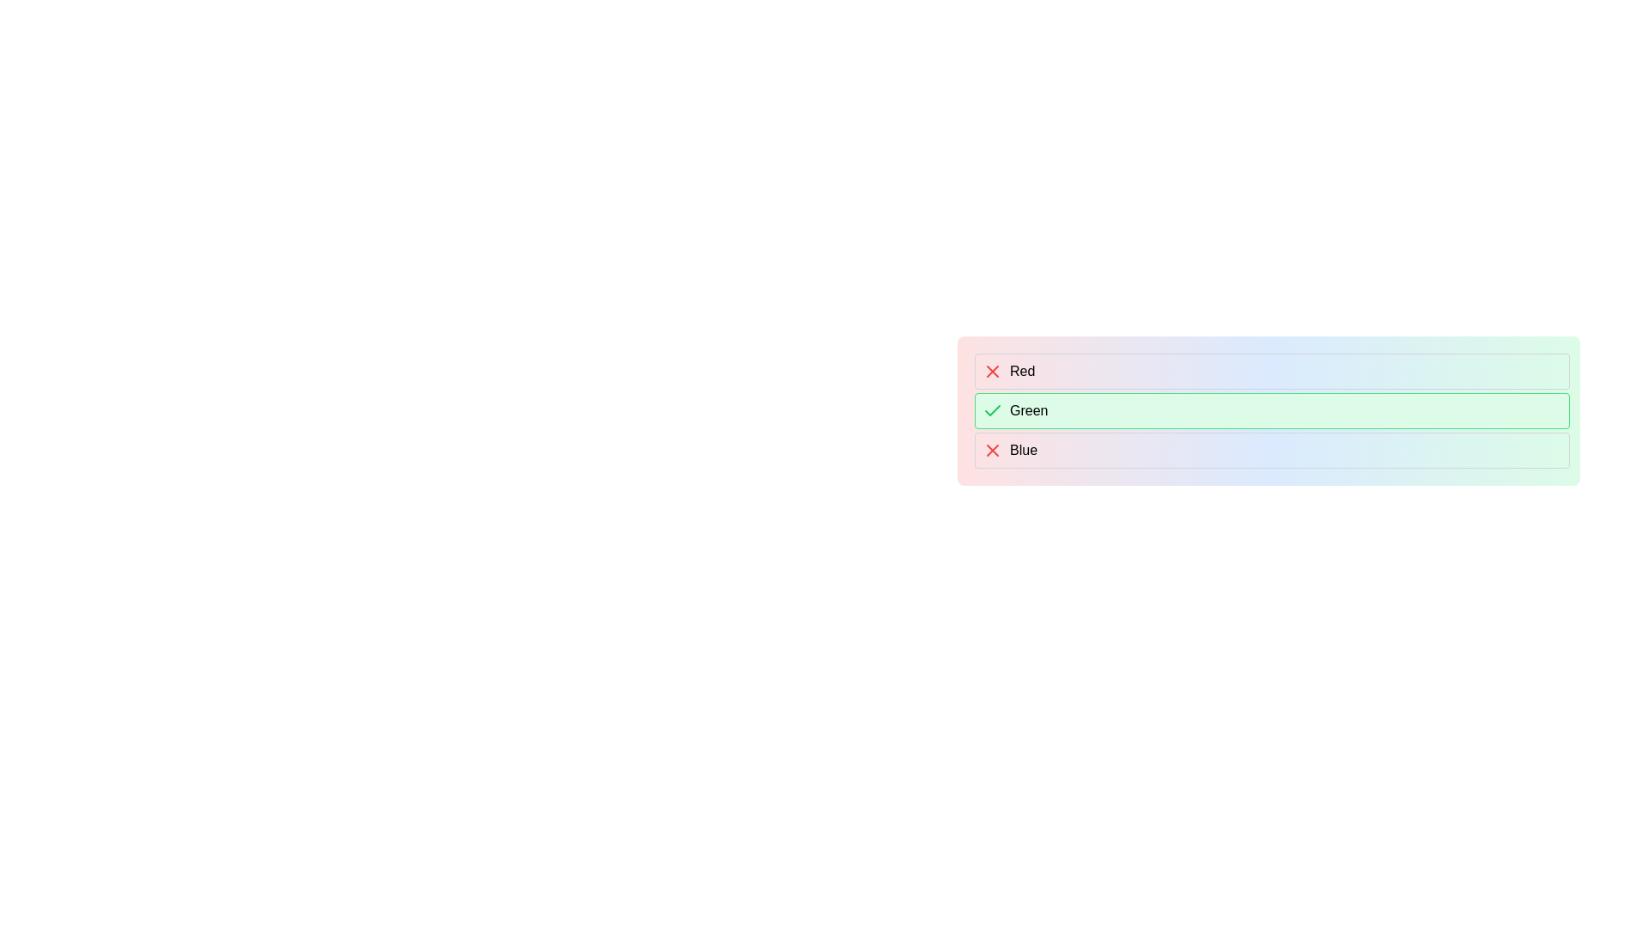 The width and height of the screenshot is (1649, 927). Describe the element at coordinates (1272, 410) in the screenshot. I see `the green button labeled 'Green' that features a checkmark icon on the left, positioned centrally below the 'Red' button and above the 'Blue' button in the vertical list` at that location.